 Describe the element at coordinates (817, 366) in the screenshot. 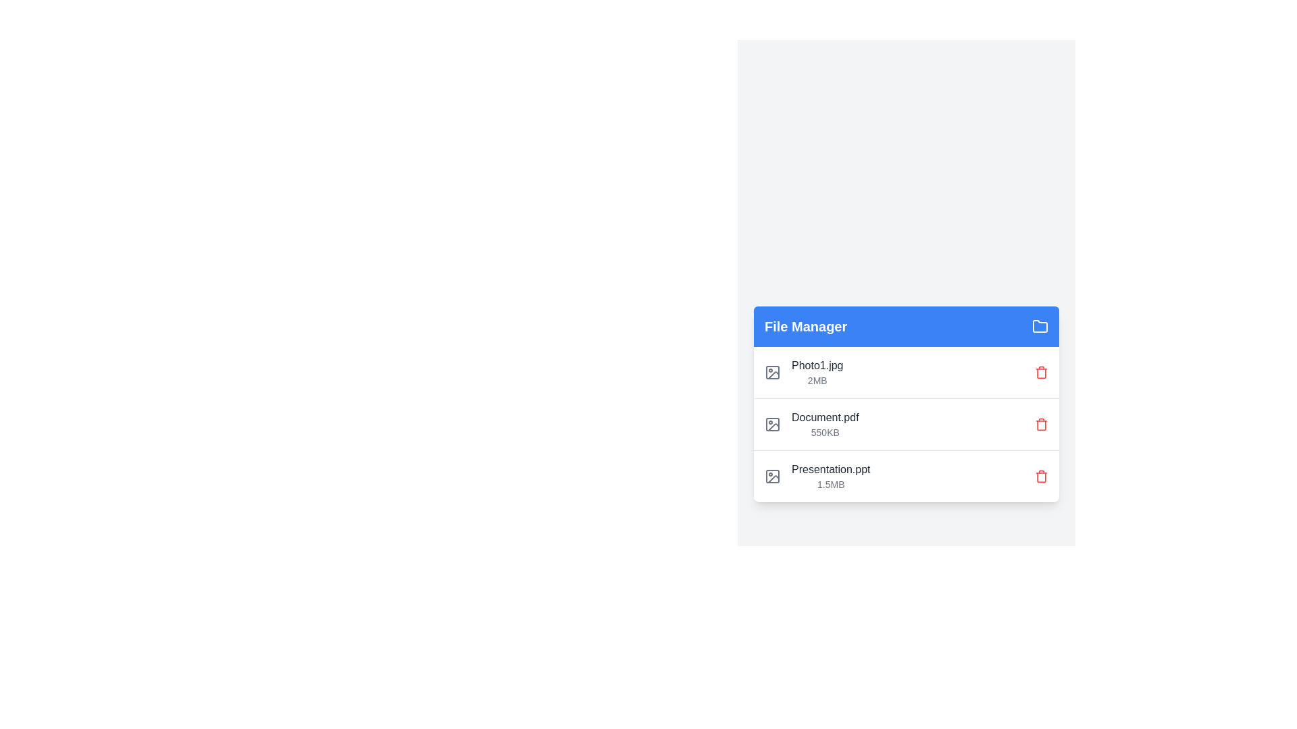

I see `the text label displaying the file name 'Photo1.jpg' within the 'File Manager' interface` at that location.